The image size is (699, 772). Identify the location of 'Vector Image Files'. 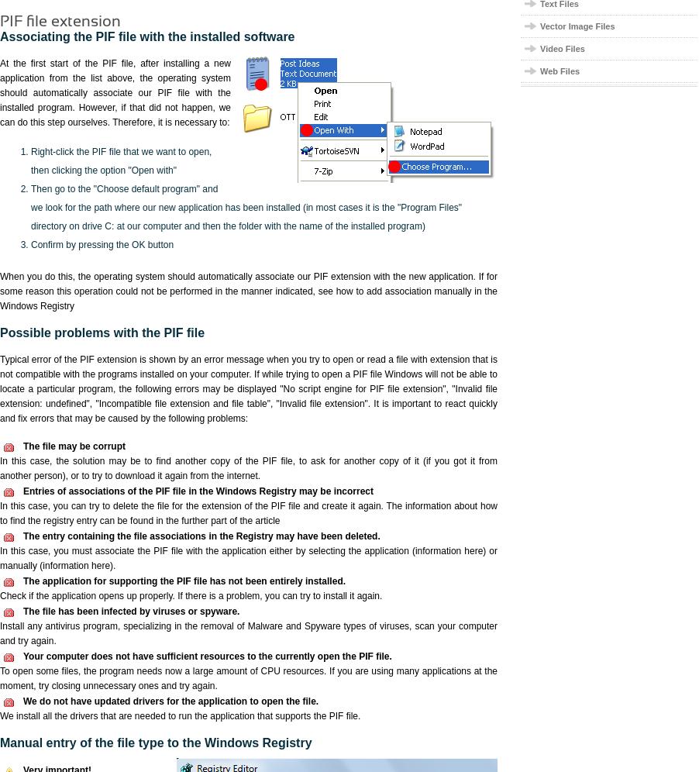
(539, 26).